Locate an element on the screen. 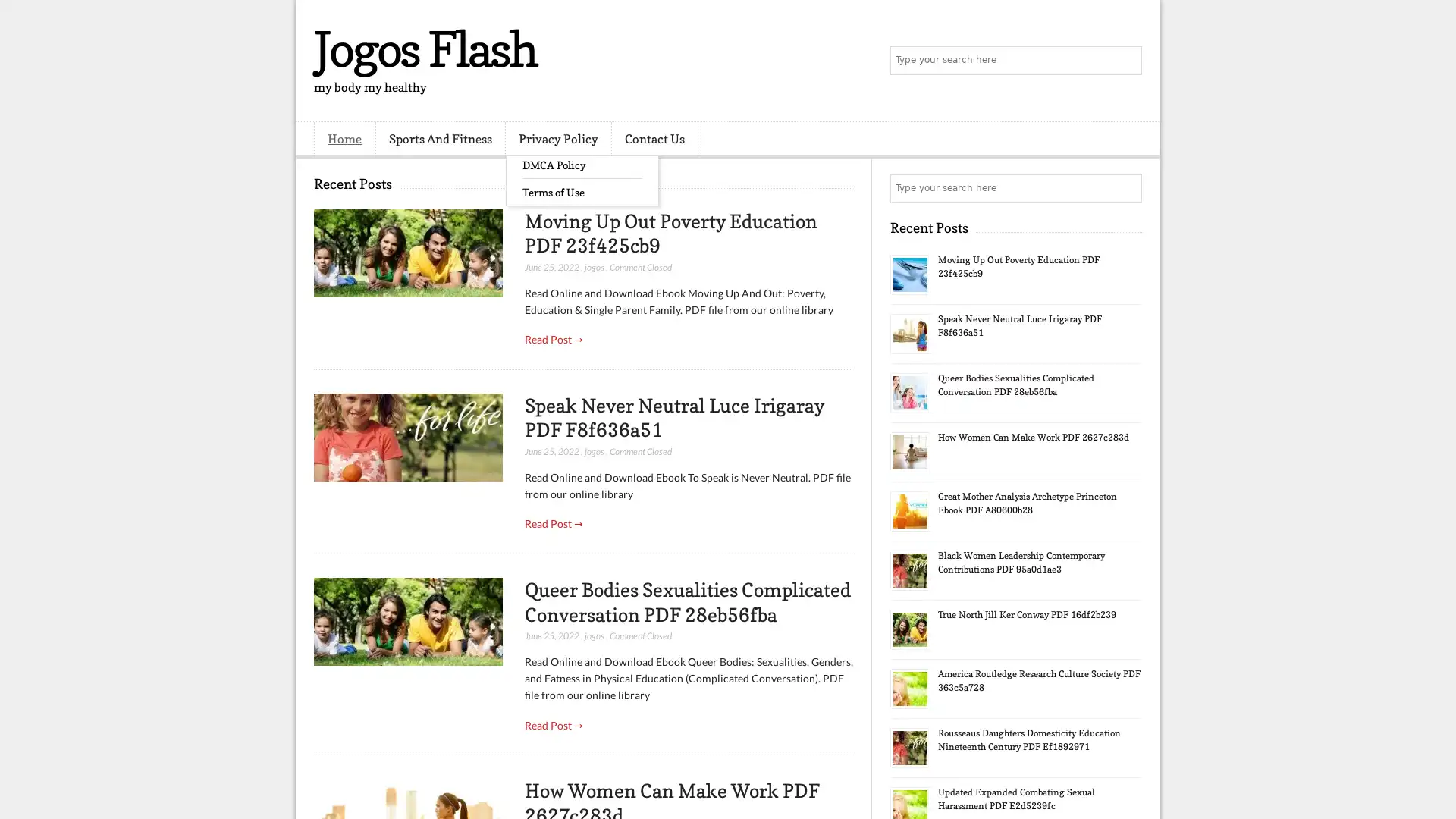 The image size is (1456, 819). Search is located at coordinates (1126, 188).